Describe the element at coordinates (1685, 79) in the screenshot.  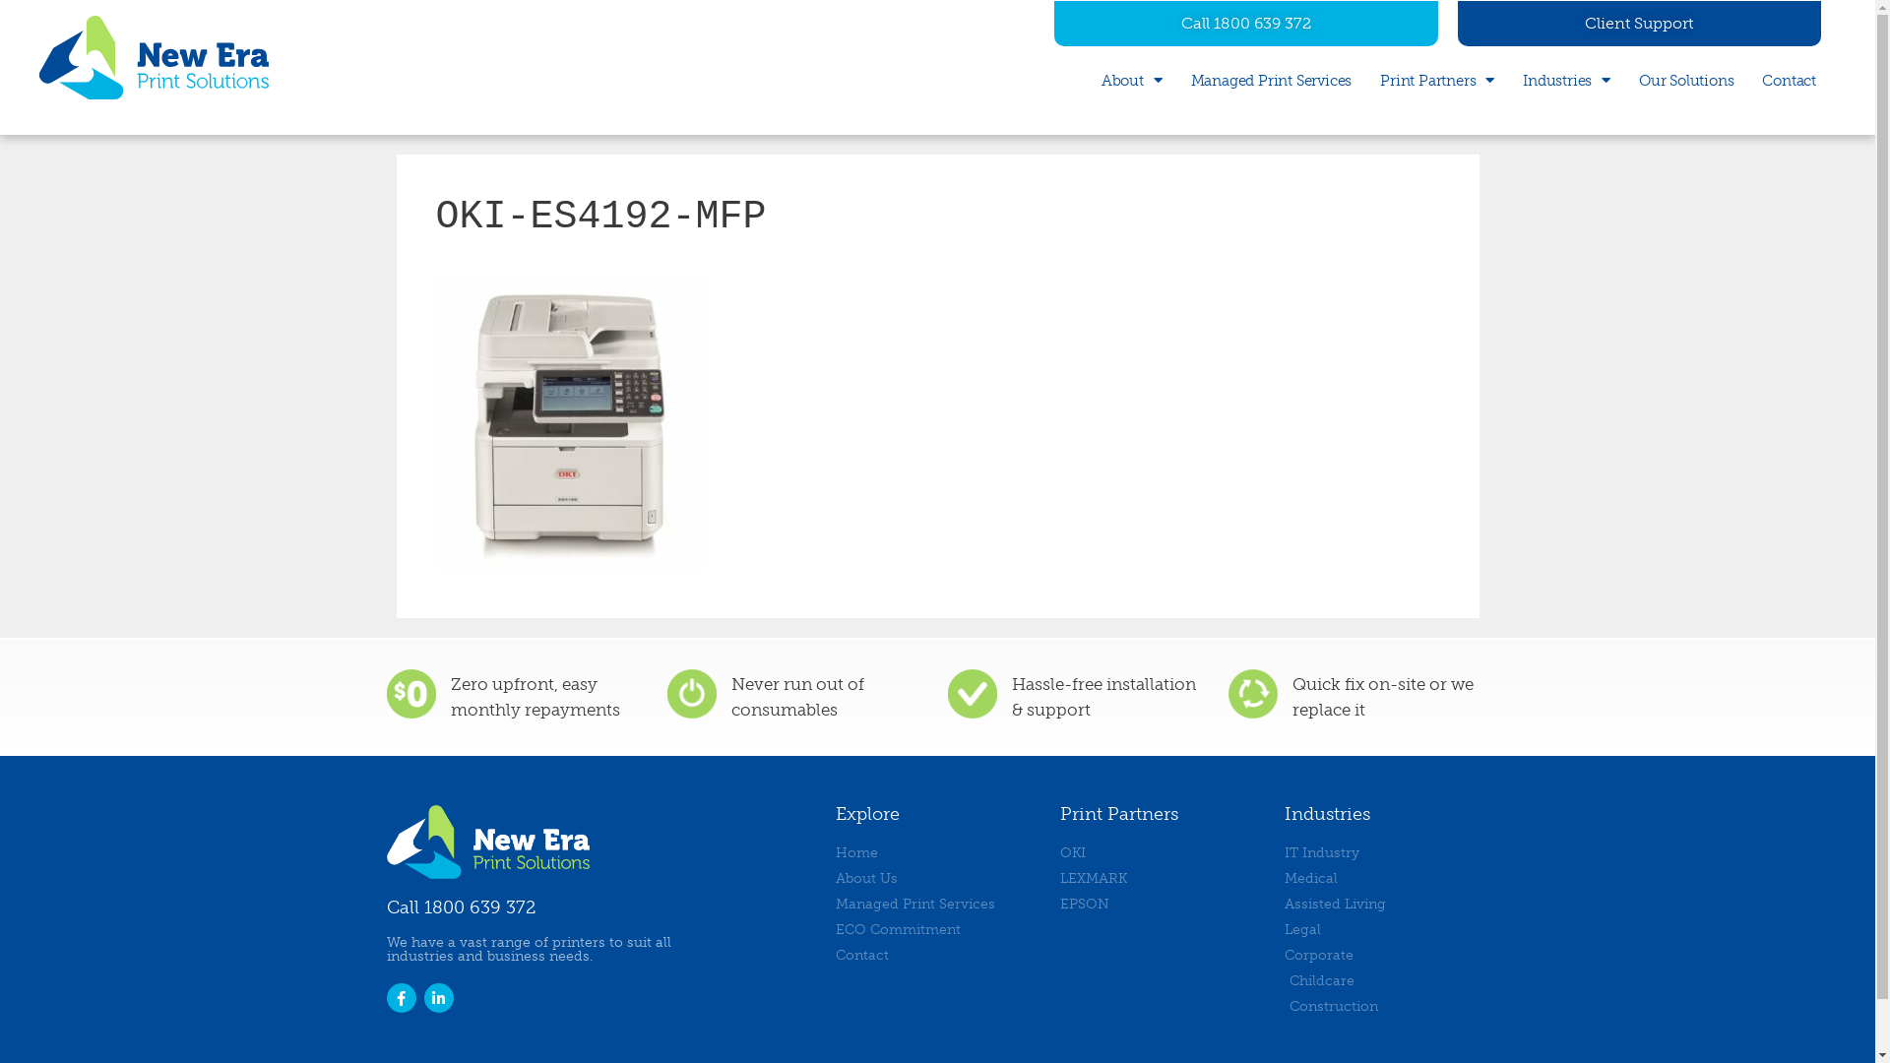
I see `'Our Solutions'` at that location.